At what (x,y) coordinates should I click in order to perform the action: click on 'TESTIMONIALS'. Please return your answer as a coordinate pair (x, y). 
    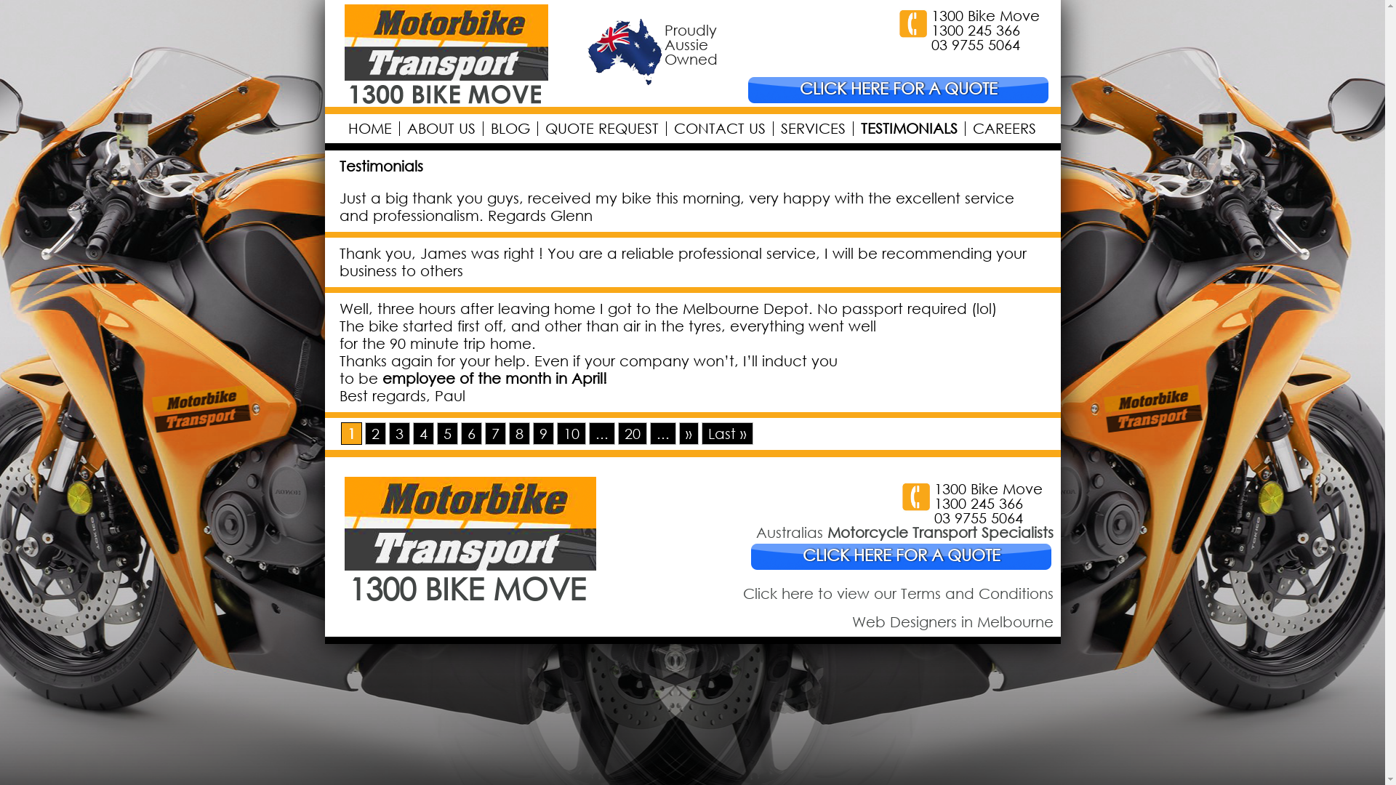
    Looking at the image, I should click on (907, 128).